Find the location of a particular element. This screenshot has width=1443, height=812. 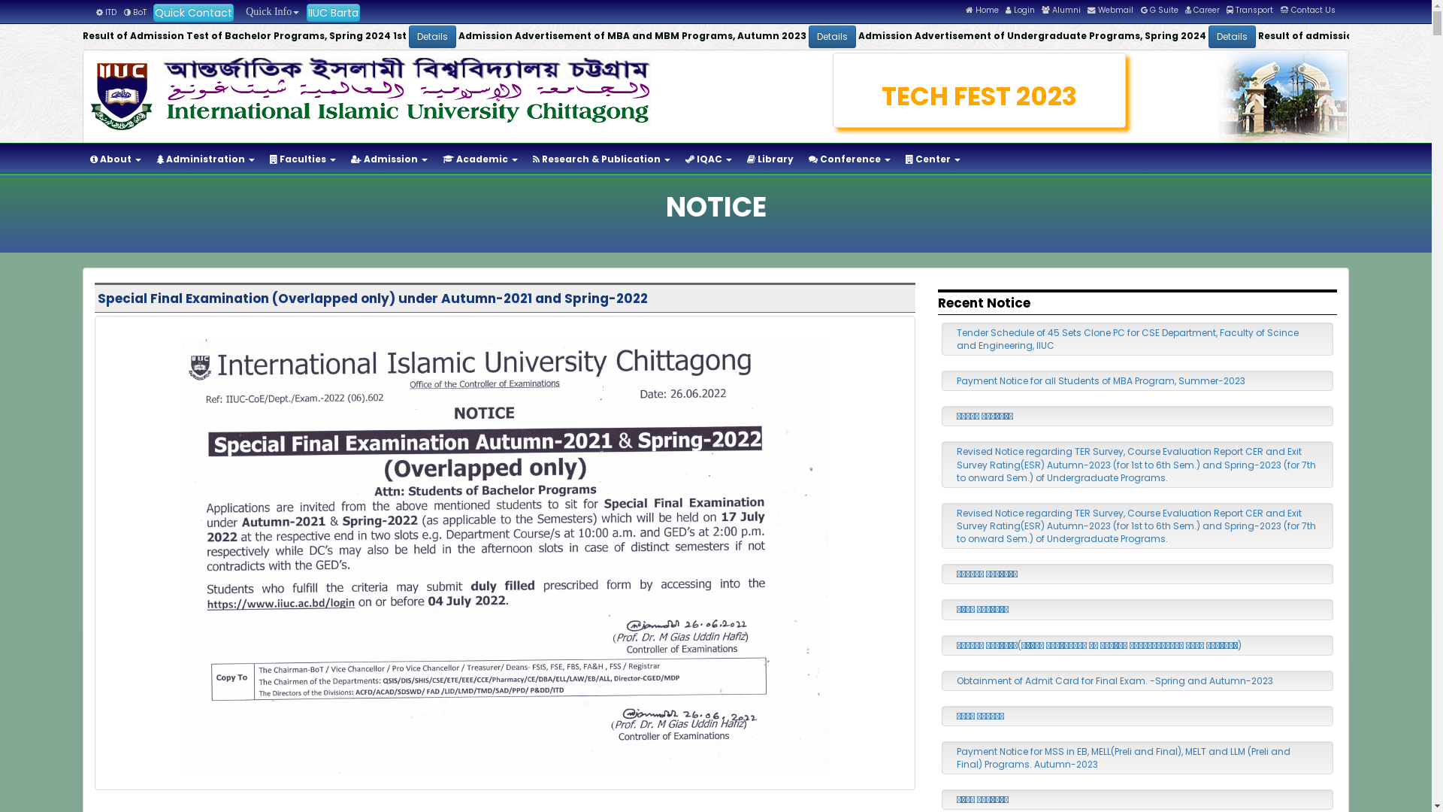

'Details' is located at coordinates (744, 36).